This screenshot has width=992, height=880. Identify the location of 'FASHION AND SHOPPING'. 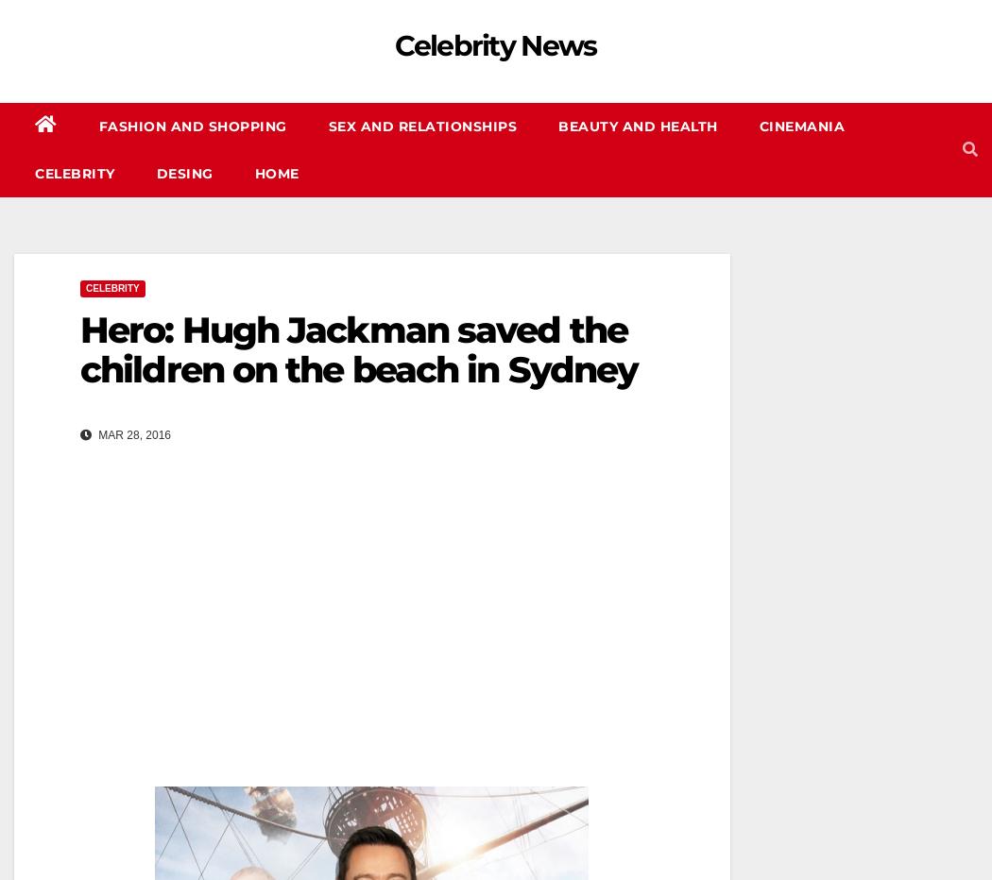
(97, 126).